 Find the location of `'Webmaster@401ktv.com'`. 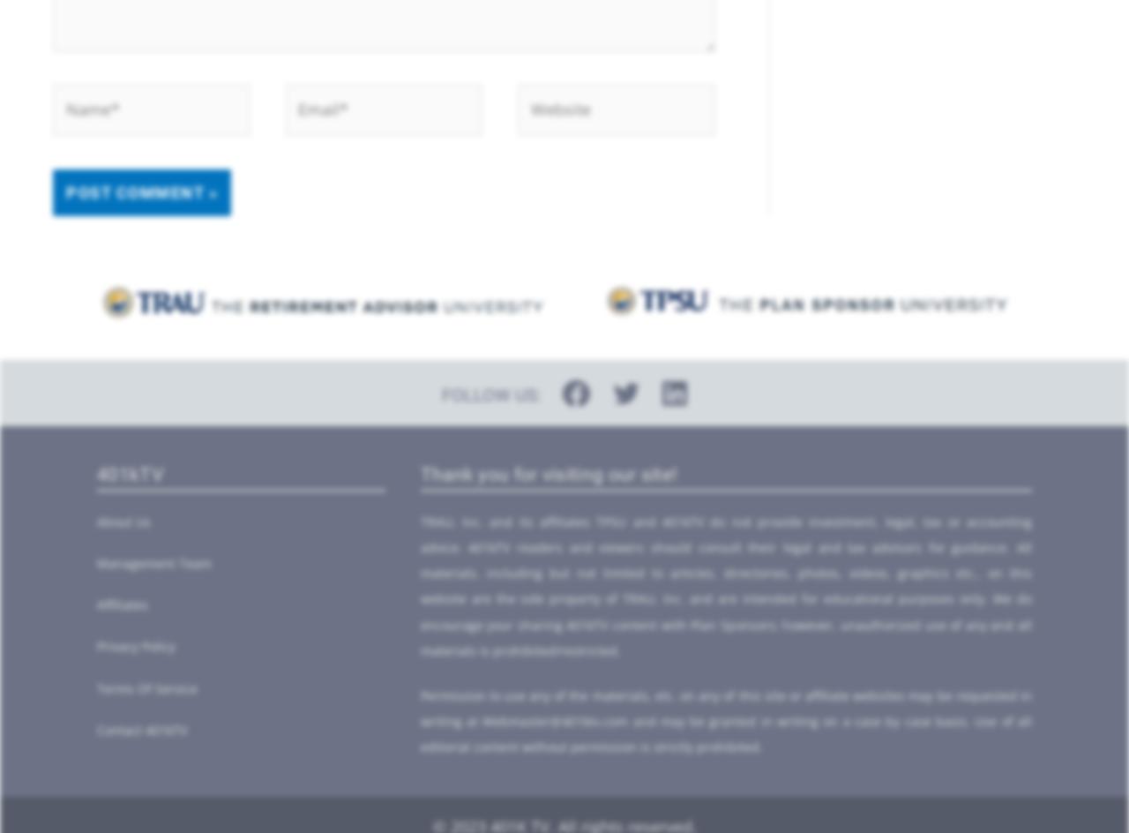

'Webmaster@401ktv.com' is located at coordinates (482, 720).